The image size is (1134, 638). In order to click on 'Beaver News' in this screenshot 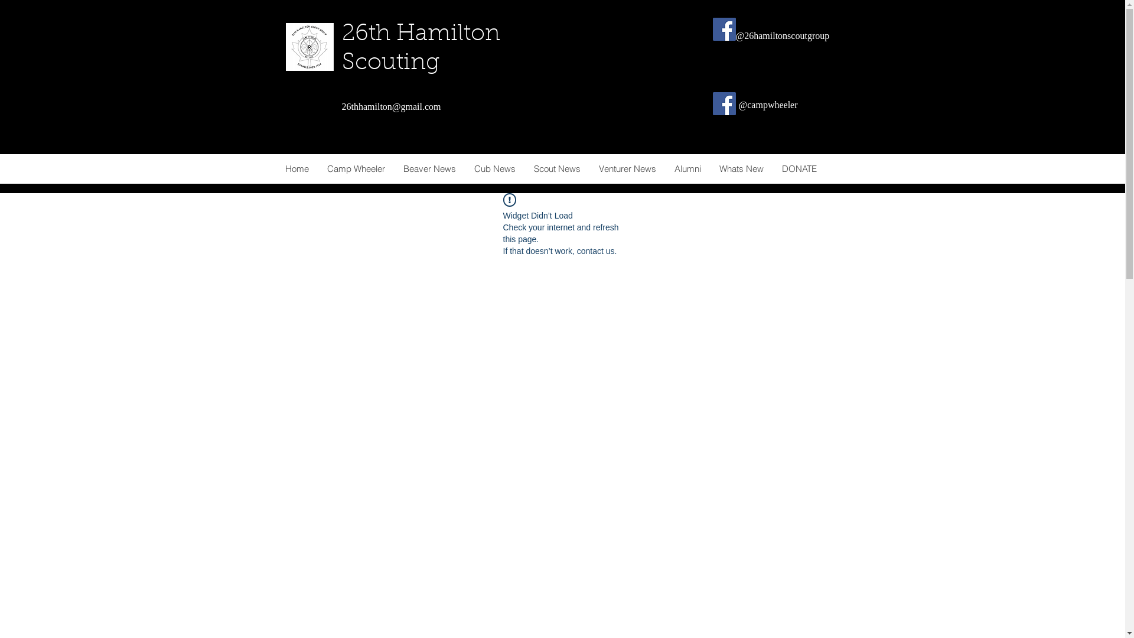, I will do `click(393, 168)`.